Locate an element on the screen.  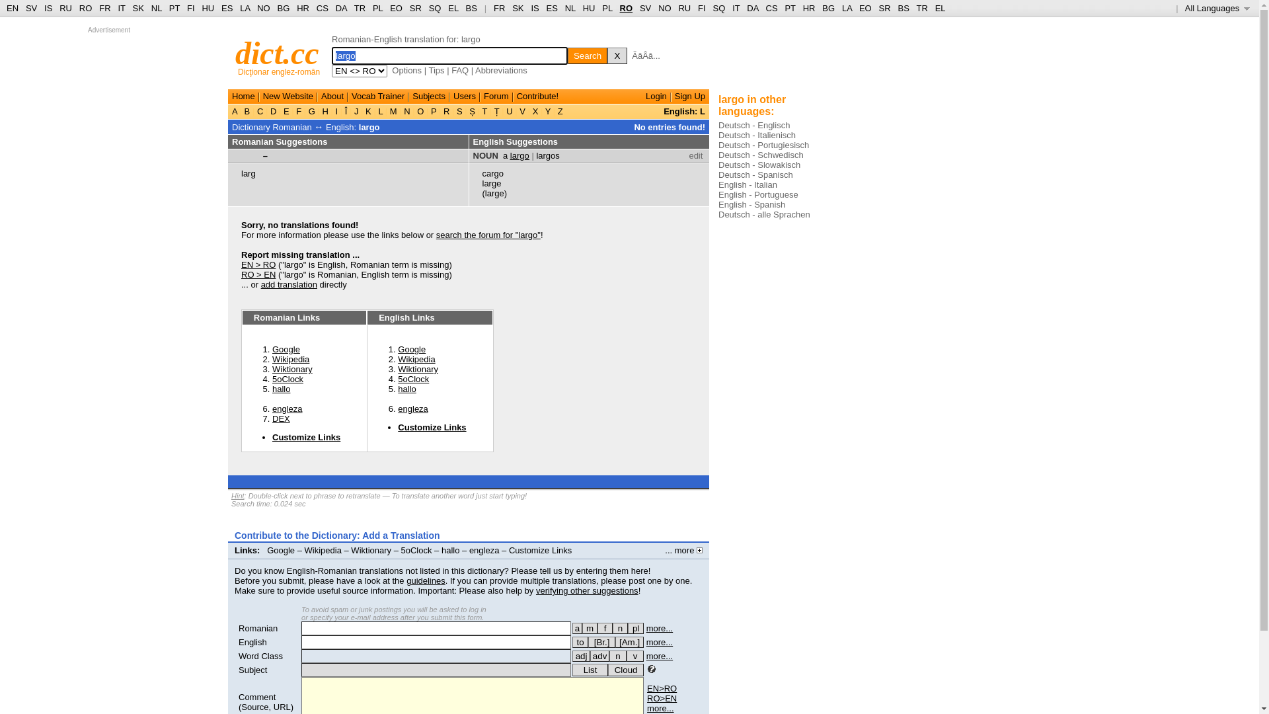
'EL' is located at coordinates (453, 8).